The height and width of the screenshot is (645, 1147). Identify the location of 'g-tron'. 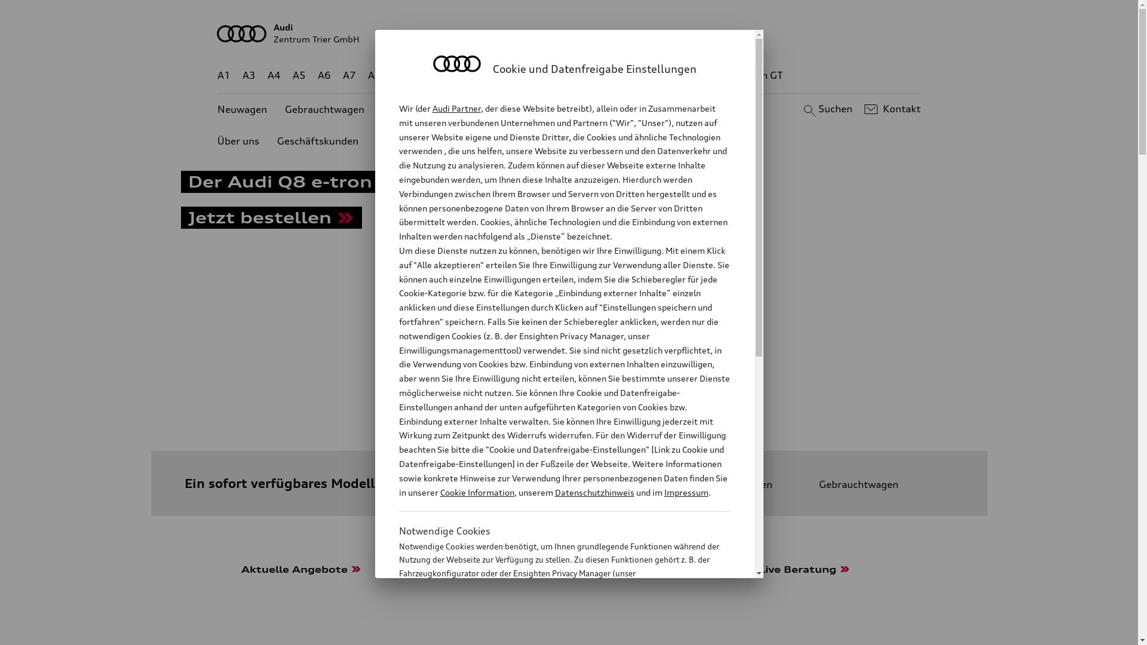
(711, 75).